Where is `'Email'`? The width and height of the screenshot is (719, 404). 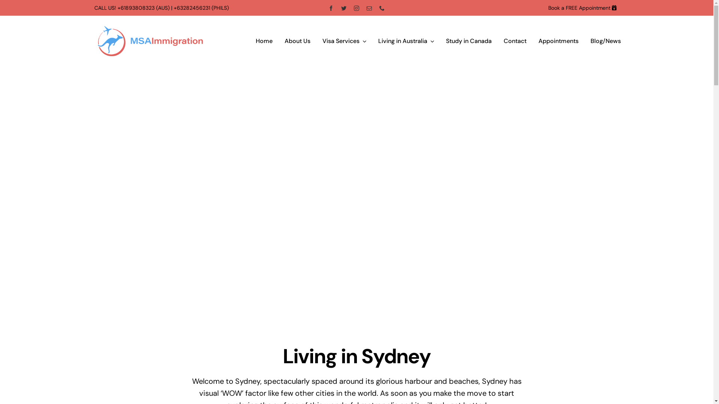
'Email' is located at coordinates (367, 7).